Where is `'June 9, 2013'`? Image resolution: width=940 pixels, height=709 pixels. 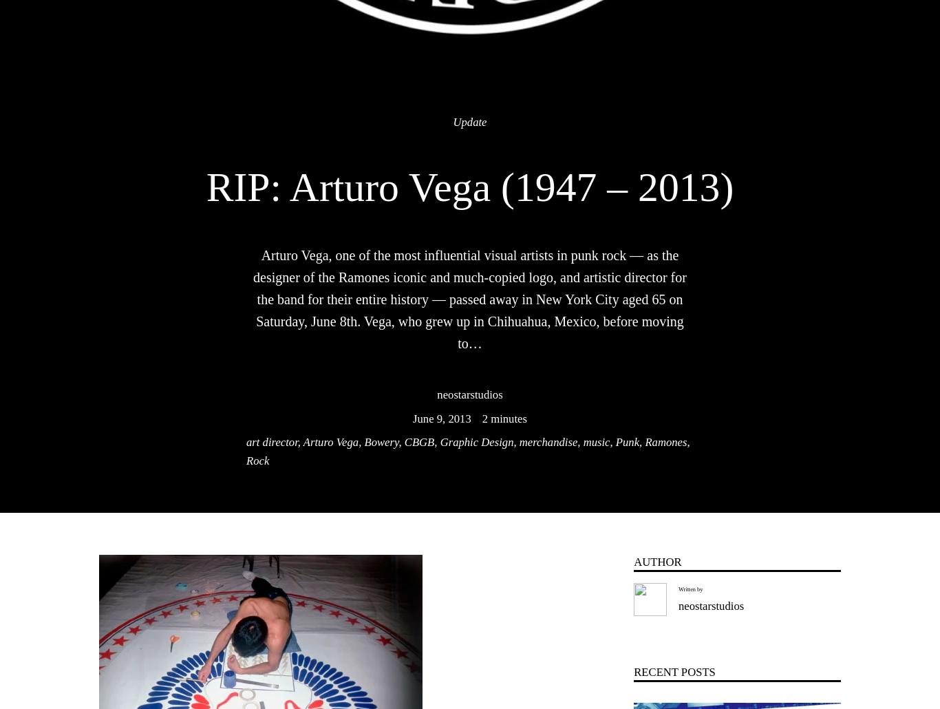
'June 9, 2013' is located at coordinates (441, 417).